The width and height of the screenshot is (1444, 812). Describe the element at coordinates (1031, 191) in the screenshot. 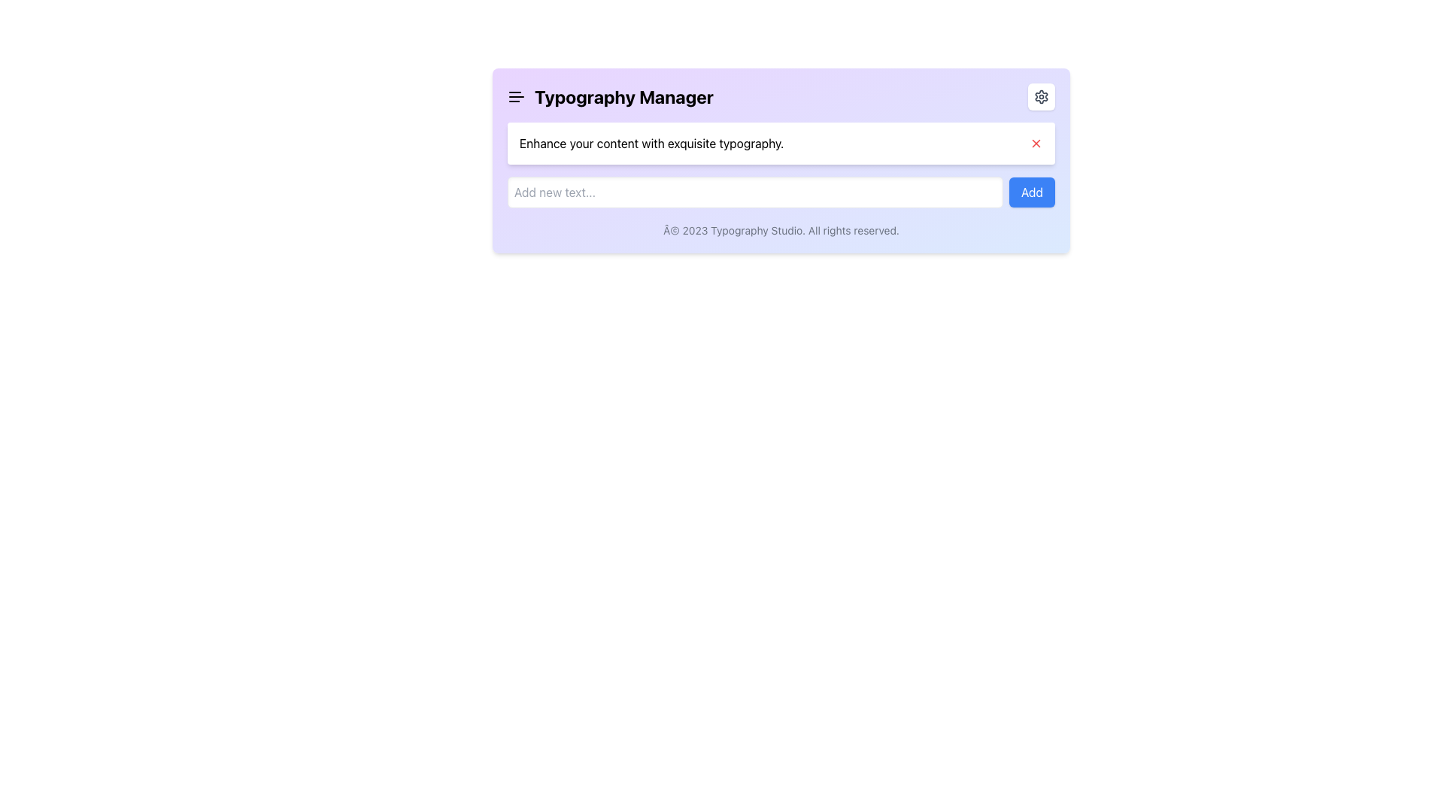

I see `the 'Add' button, which is a rectangular button with a blue background and white text, located on the far right of the layout` at that location.